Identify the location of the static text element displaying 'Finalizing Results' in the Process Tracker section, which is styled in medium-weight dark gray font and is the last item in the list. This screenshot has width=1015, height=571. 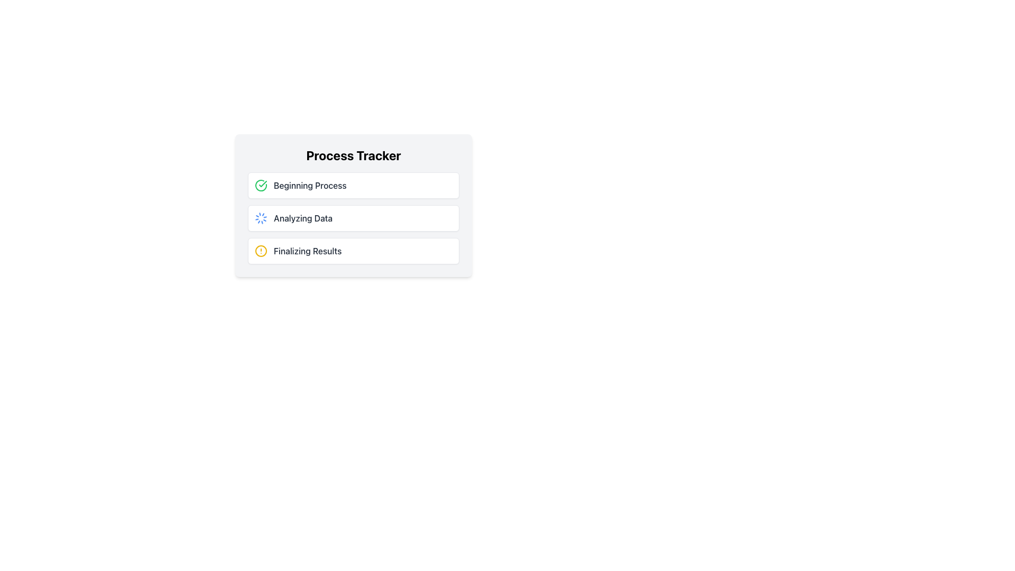
(307, 251).